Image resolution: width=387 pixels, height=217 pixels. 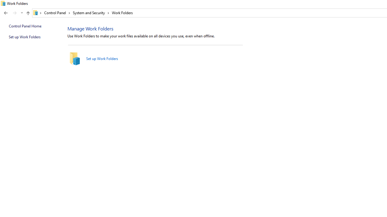 What do you see at coordinates (21, 13) in the screenshot?
I see `'Recent locations'` at bounding box center [21, 13].